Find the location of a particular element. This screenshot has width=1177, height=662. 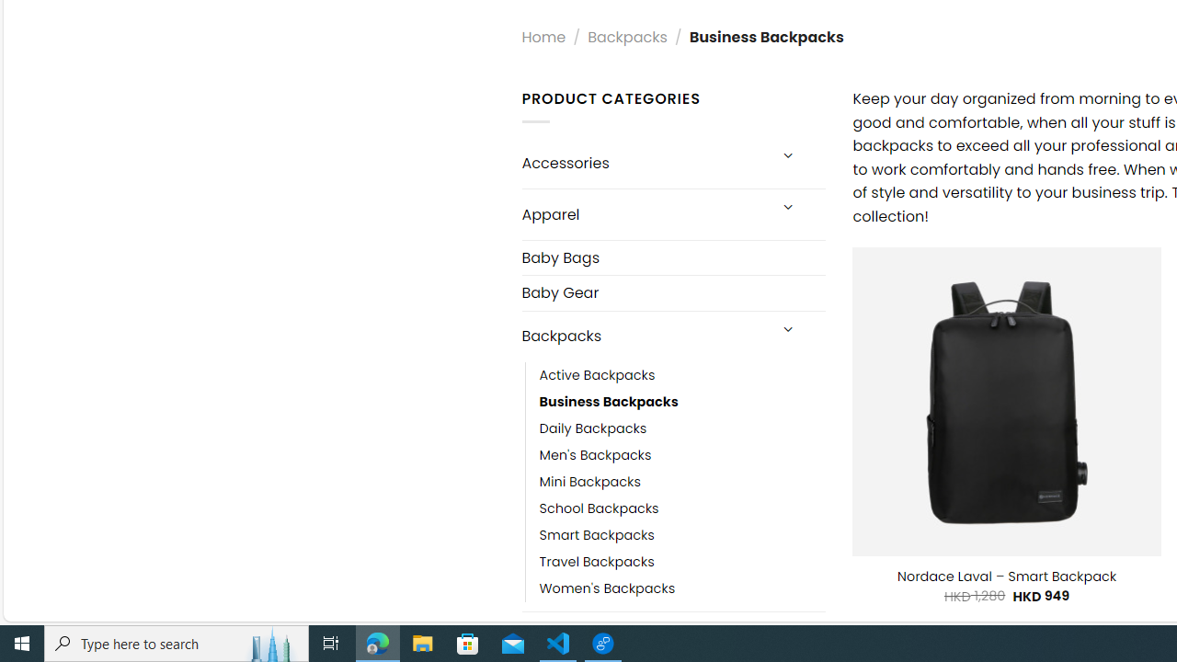

'Backpacks' is located at coordinates (644, 337).